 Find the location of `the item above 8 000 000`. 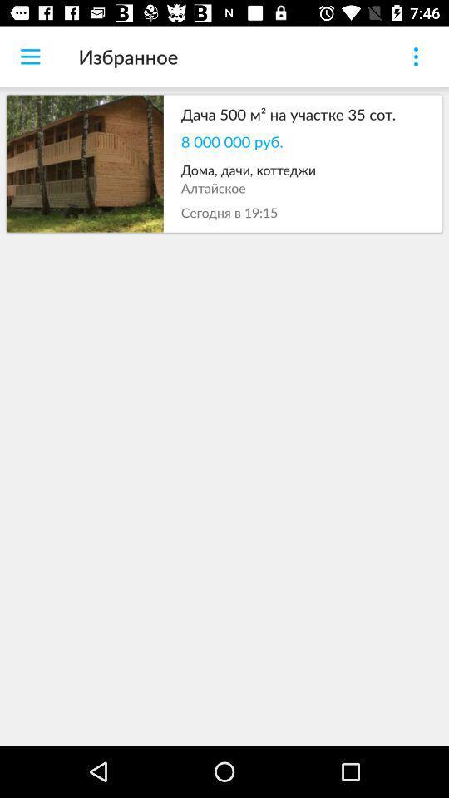

the item above 8 000 000 is located at coordinates (302, 113).